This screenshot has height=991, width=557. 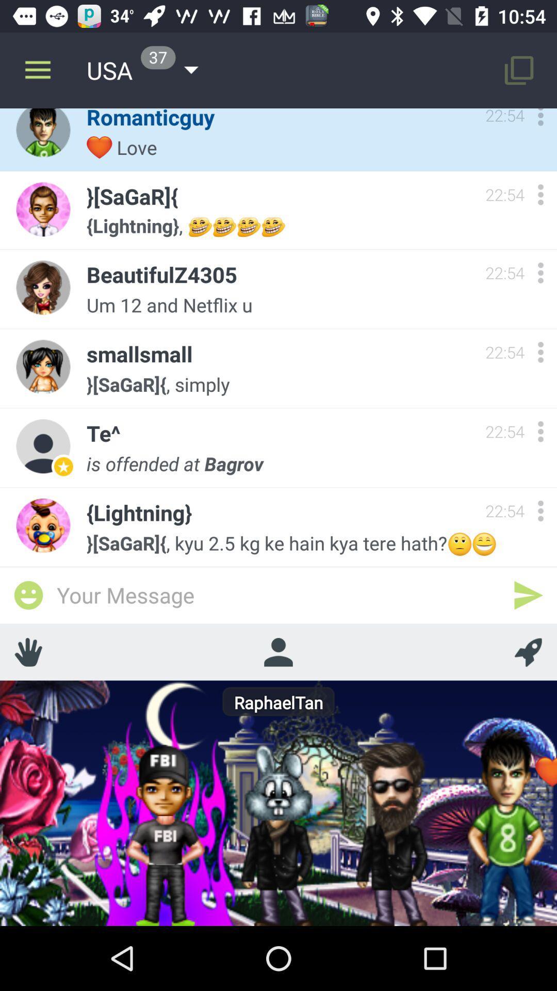 I want to click on the emoji icon, so click(x=28, y=595).